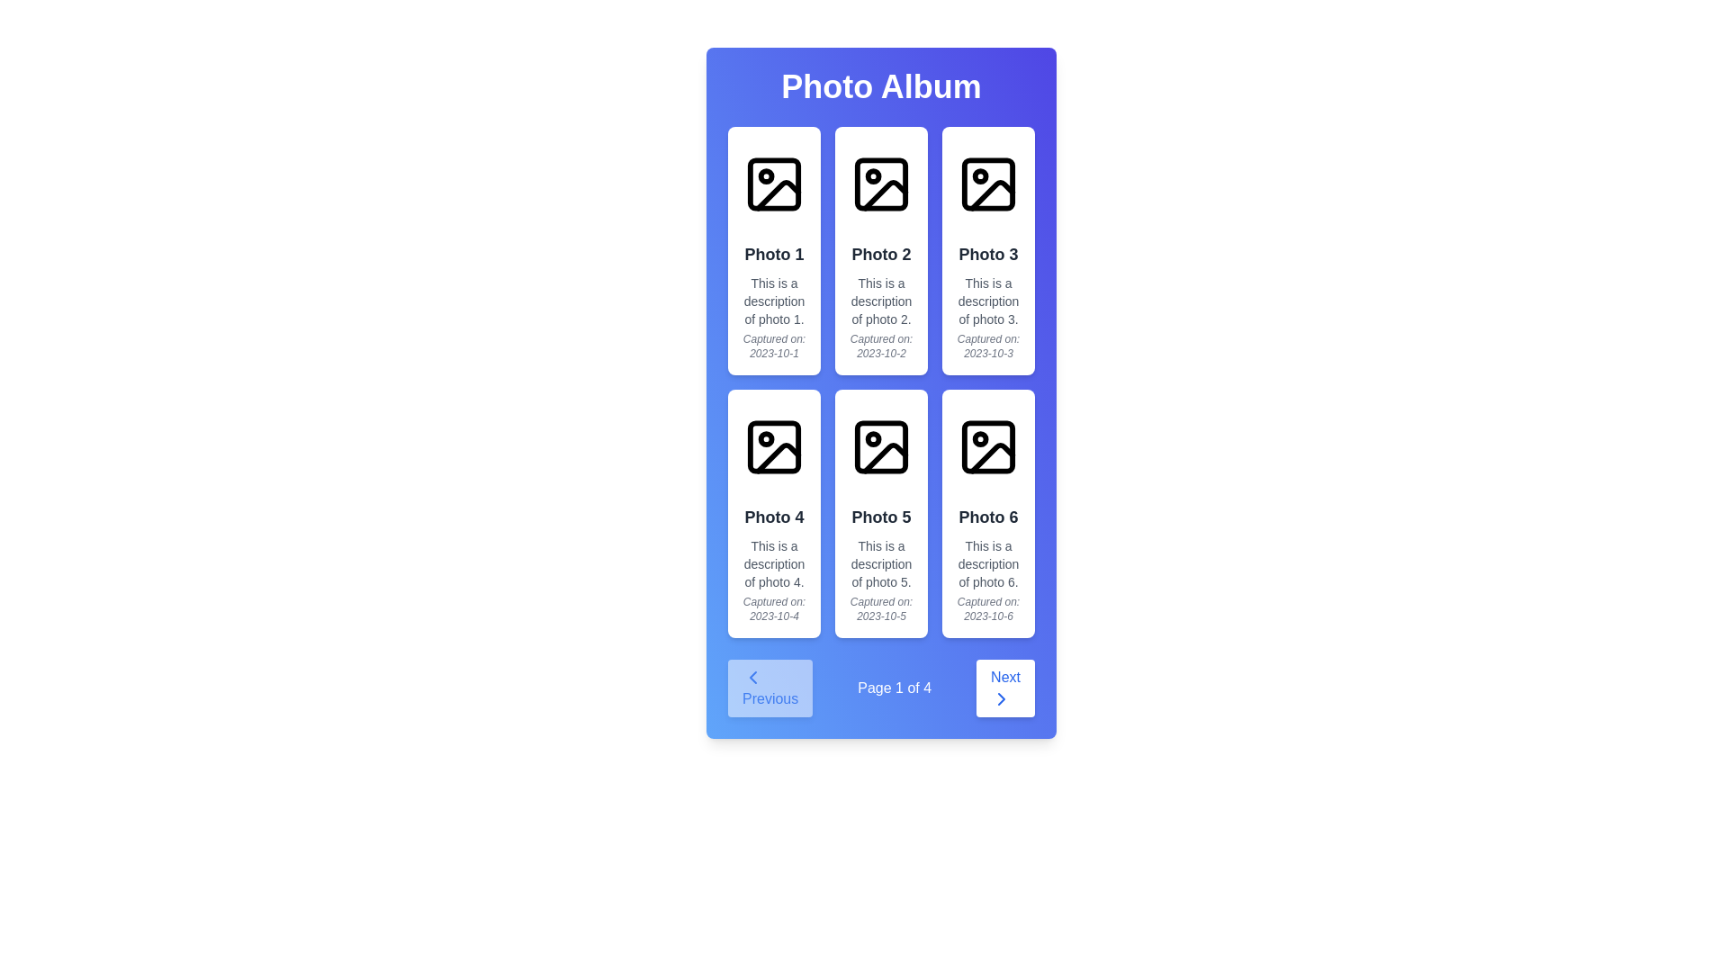 The height and width of the screenshot is (972, 1728). What do you see at coordinates (987, 184) in the screenshot?
I see `the square icon representing a placeholder for an image located at the top of the card for 'Photo 3', which is centered horizontally within its card` at bounding box center [987, 184].